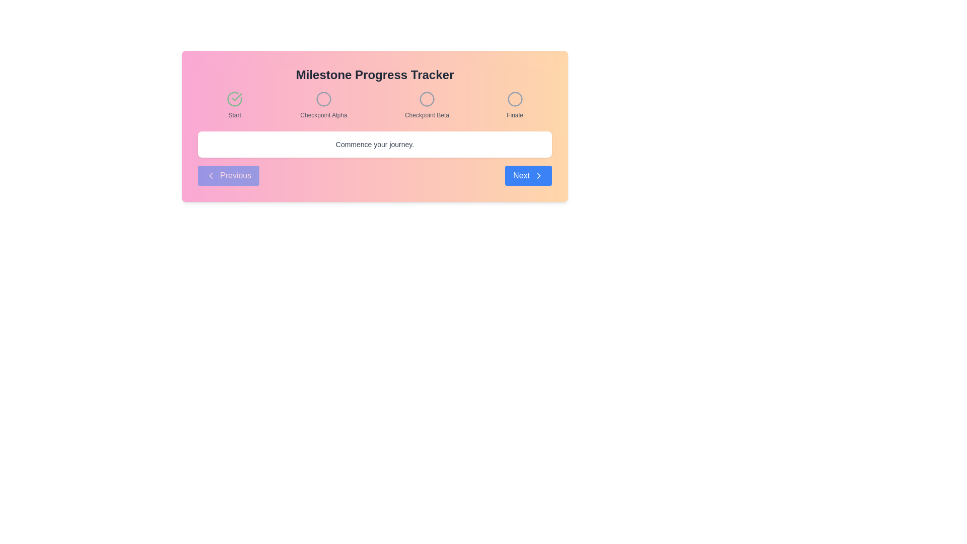 The width and height of the screenshot is (967, 544). Describe the element at coordinates (427, 105) in the screenshot. I see `the Progress milestone indicator labeled 'Checkpoint Beta', which is a circular icon followed by a small, gray font label, positioned third in the milestone progress tracker` at that location.